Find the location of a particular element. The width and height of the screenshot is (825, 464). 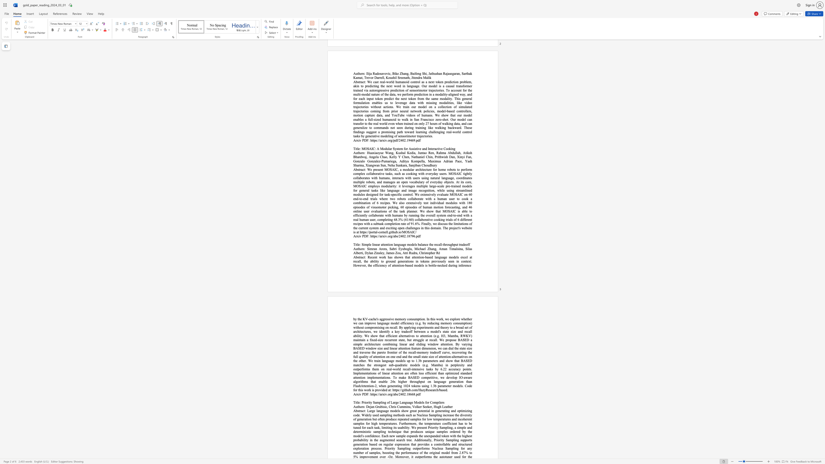

the subset text "provides a controllable and structured exploration process. Priority Sampling outperforms Nucleus Sampling for any number of sam" within the text "Large language models show great potential in generating and optimizing code. Widely used sampling methods such as Nucleus Sampling increase the diversity of generation but often produce repeated samples for low temperatures and incoherent samples for high temperatures. Furthermore, the temperature coefficient has to be tuned for each task, limiting its usability. We present Priority Sampling, a simple and deterministic sampling technique that produces unique samples ordered by the model" is located at coordinates (417, 444).